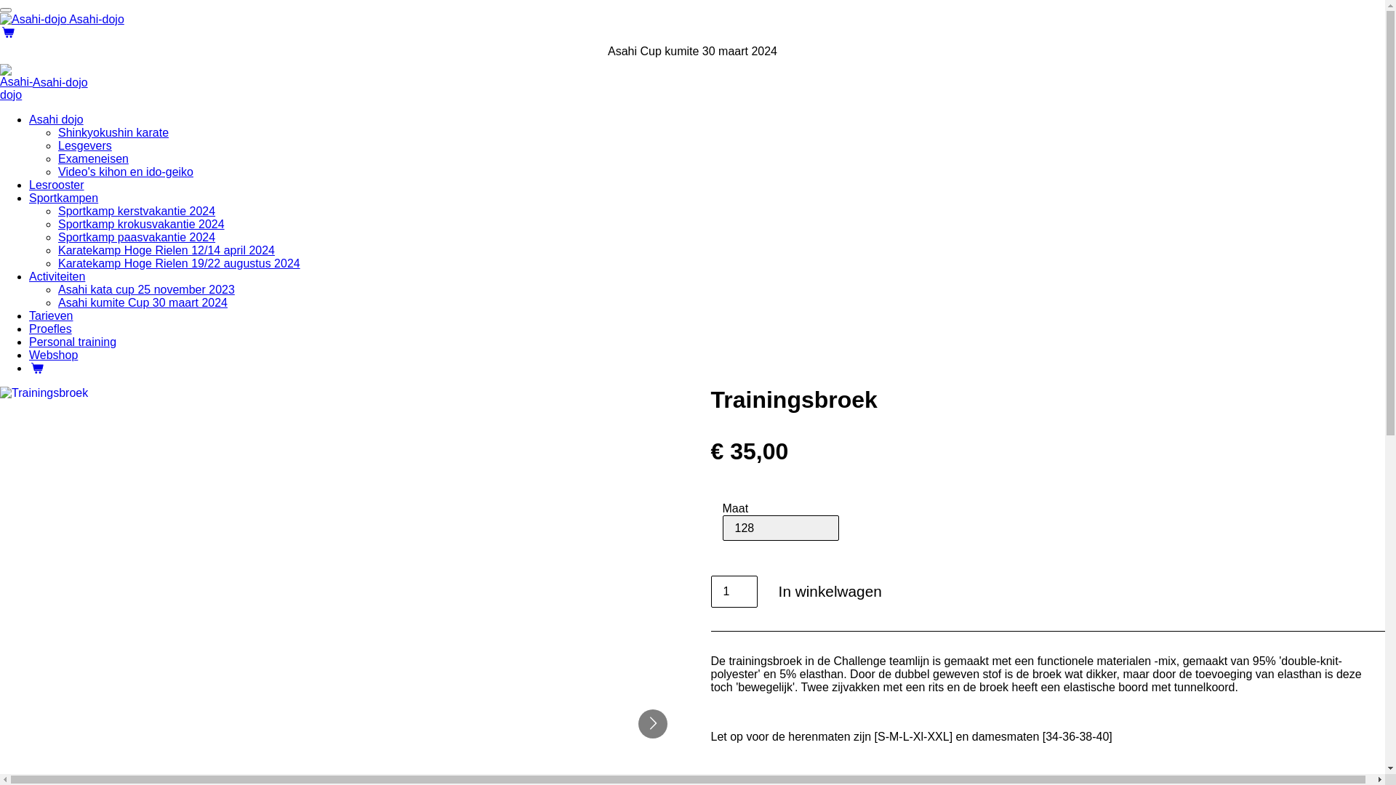 This screenshot has width=1396, height=785. What do you see at coordinates (763, 592) in the screenshot?
I see `'In winkelwagen'` at bounding box center [763, 592].